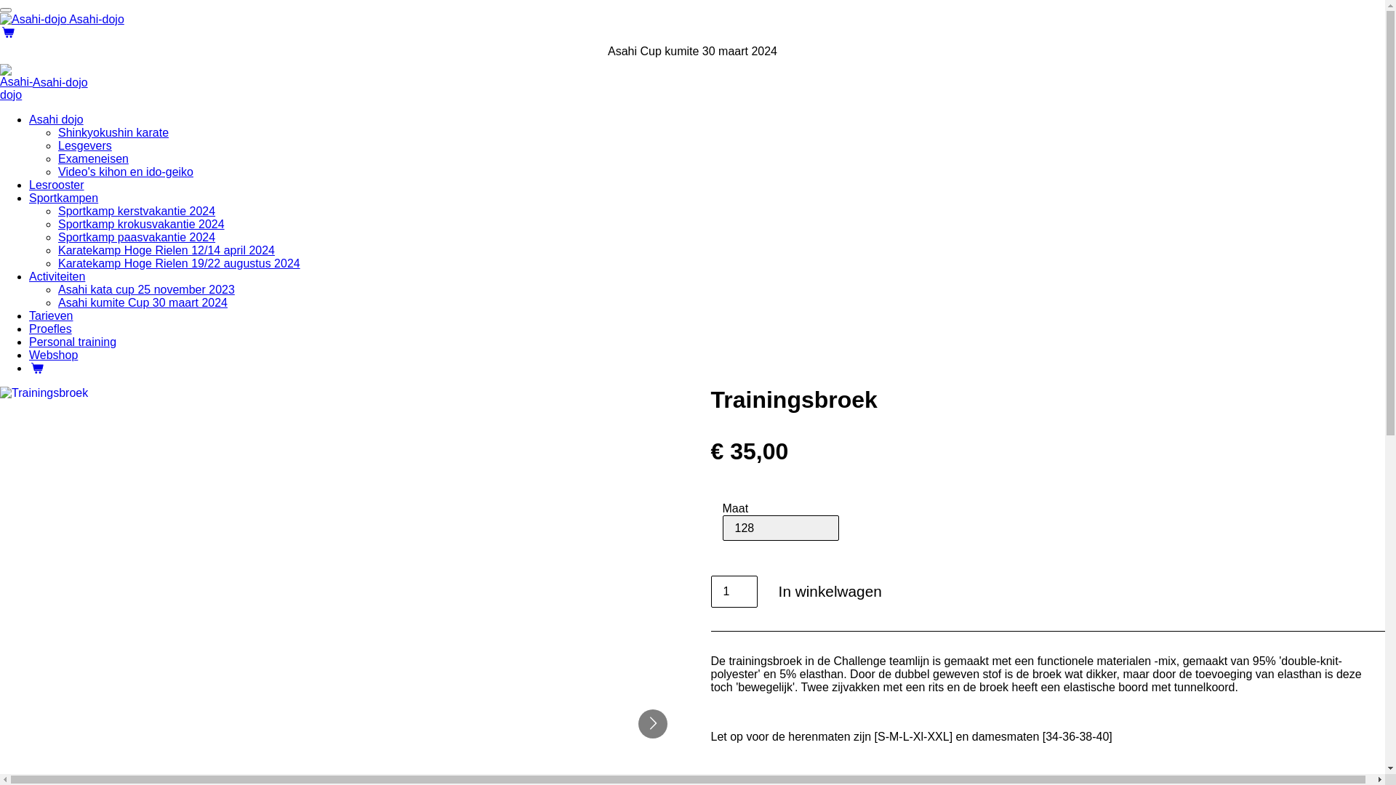 This screenshot has width=1396, height=785. What do you see at coordinates (763, 592) in the screenshot?
I see `'In winkelwagen'` at bounding box center [763, 592].